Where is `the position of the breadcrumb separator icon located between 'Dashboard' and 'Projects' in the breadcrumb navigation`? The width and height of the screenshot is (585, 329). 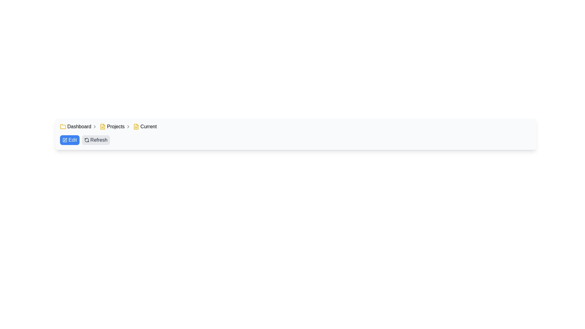 the position of the breadcrumb separator icon located between 'Dashboard' and 'Projects' in the breadcrumb navigation is located at coordinates (94, 126).